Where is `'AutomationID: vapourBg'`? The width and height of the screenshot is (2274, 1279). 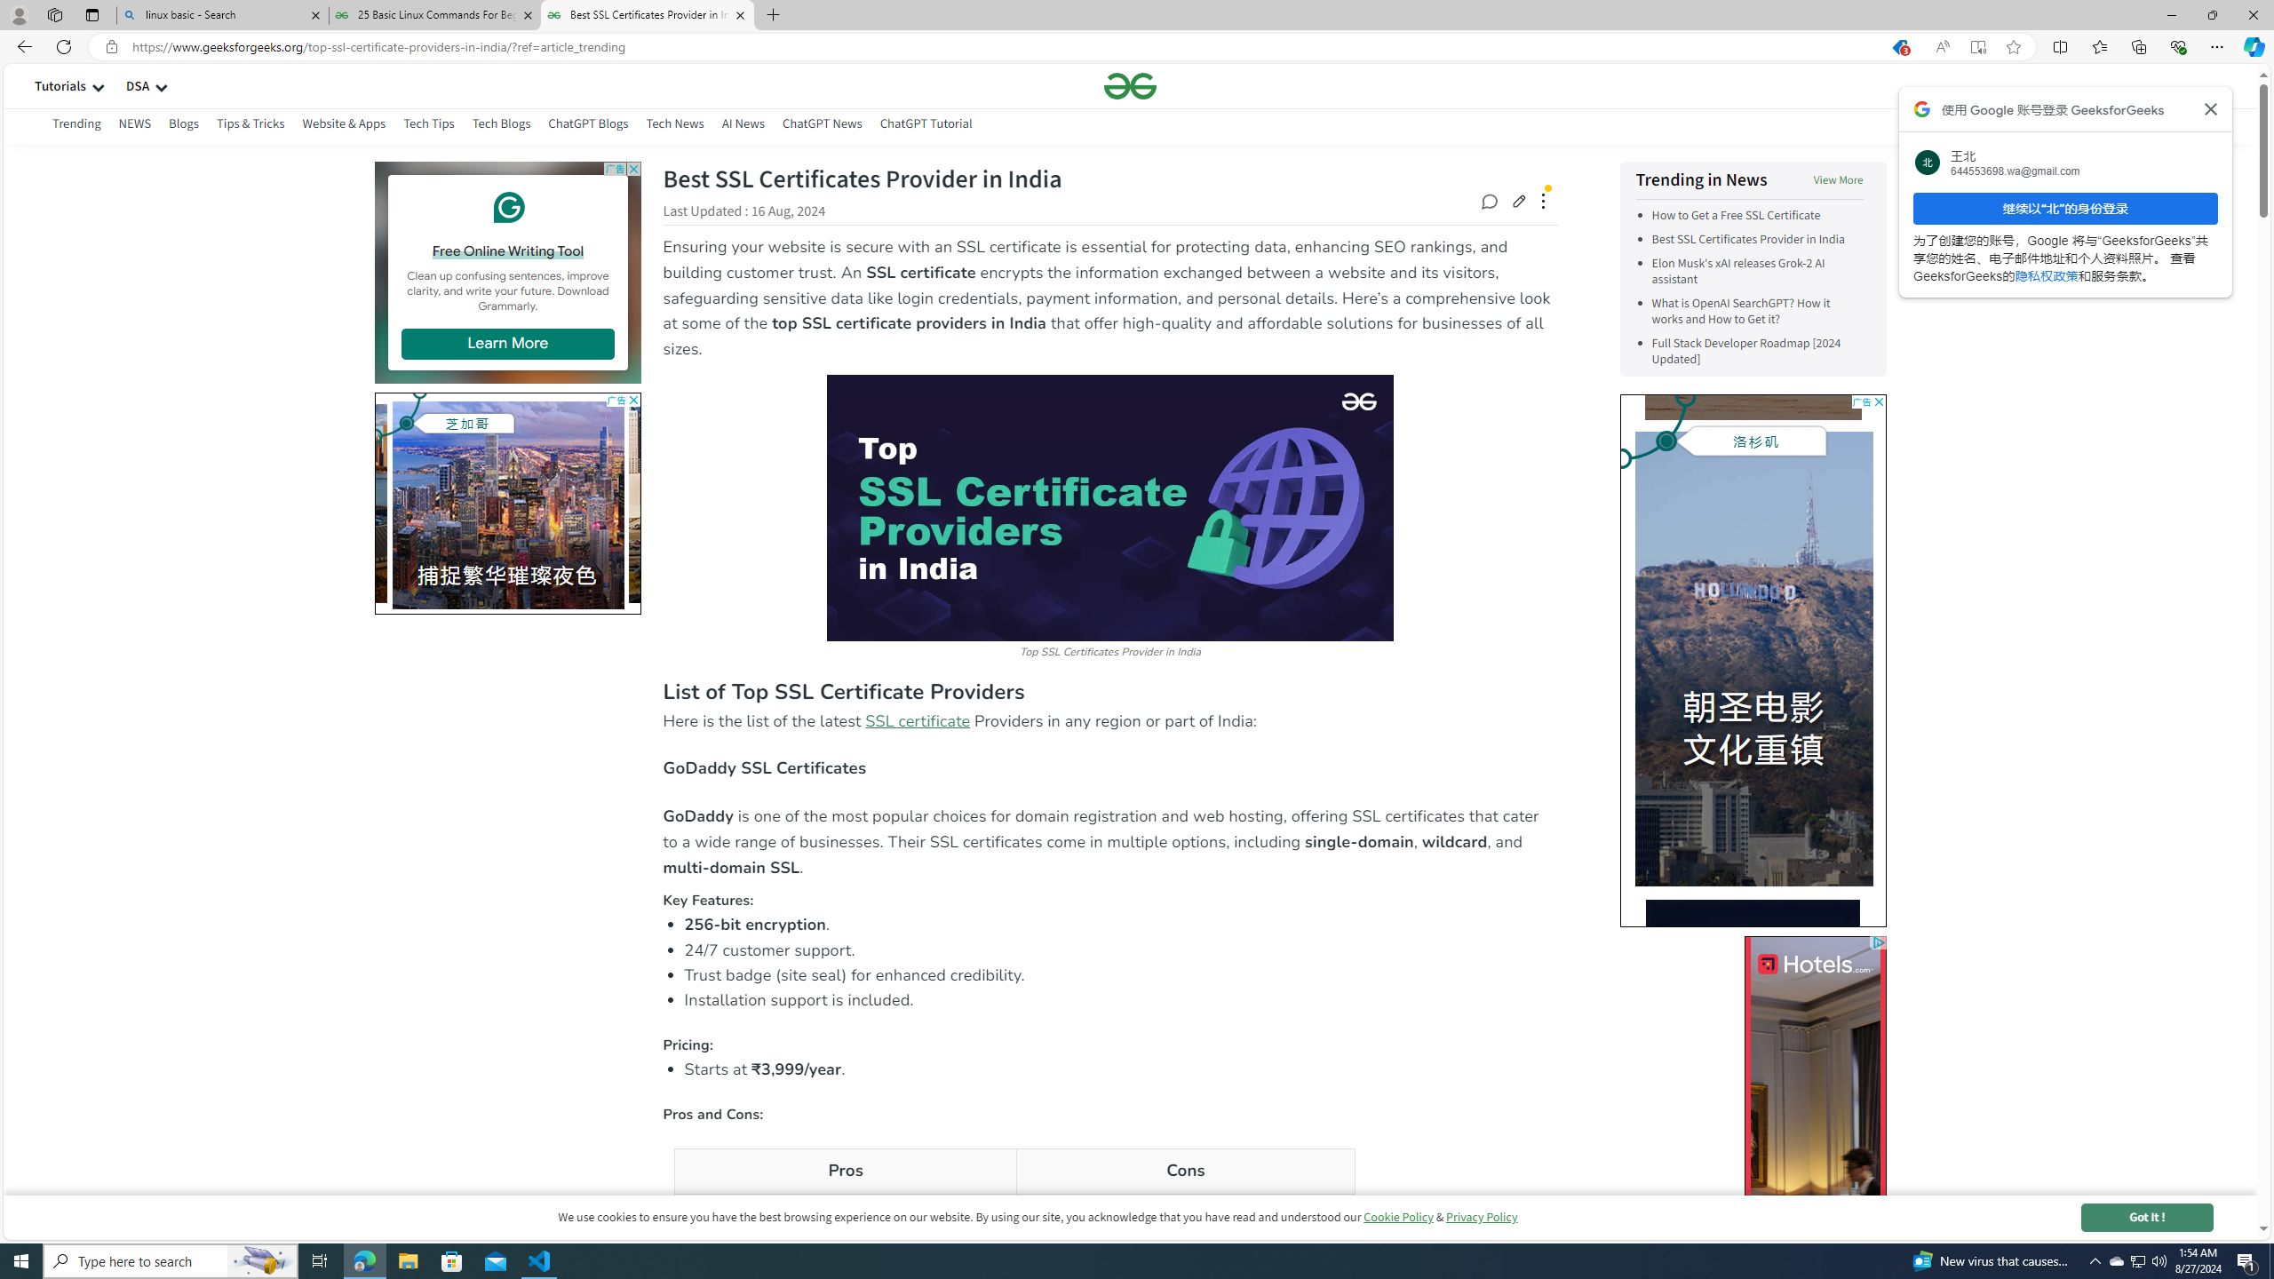 'AutomationID: vapourBg' is located at coordinates (1752, 659).